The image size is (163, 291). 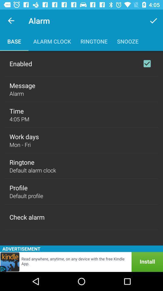 What do you see at coordinates (147, 64) in the screenshot?
I see `enable/disable alarm` at bounding box center [147, 64].